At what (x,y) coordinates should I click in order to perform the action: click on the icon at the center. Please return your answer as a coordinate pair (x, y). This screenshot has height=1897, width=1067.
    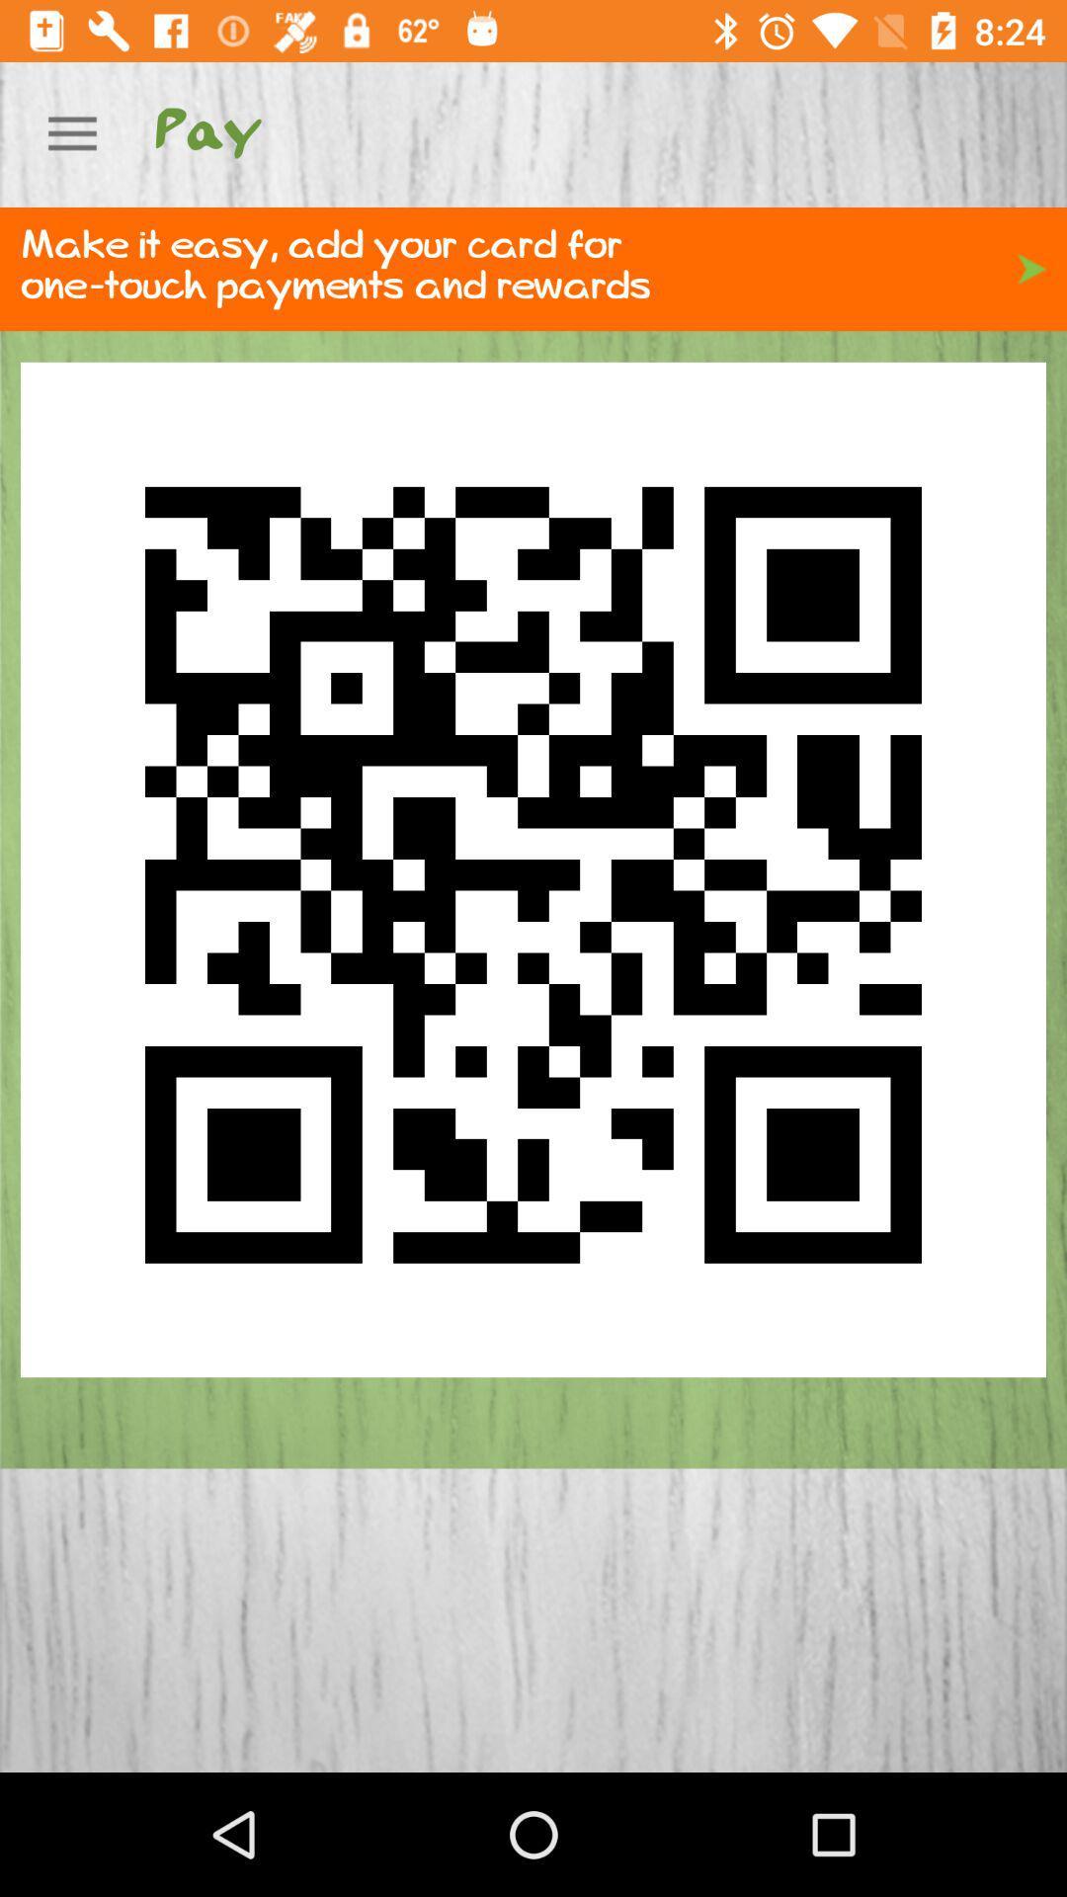
    Looking at the image, I should click on (533, 869).